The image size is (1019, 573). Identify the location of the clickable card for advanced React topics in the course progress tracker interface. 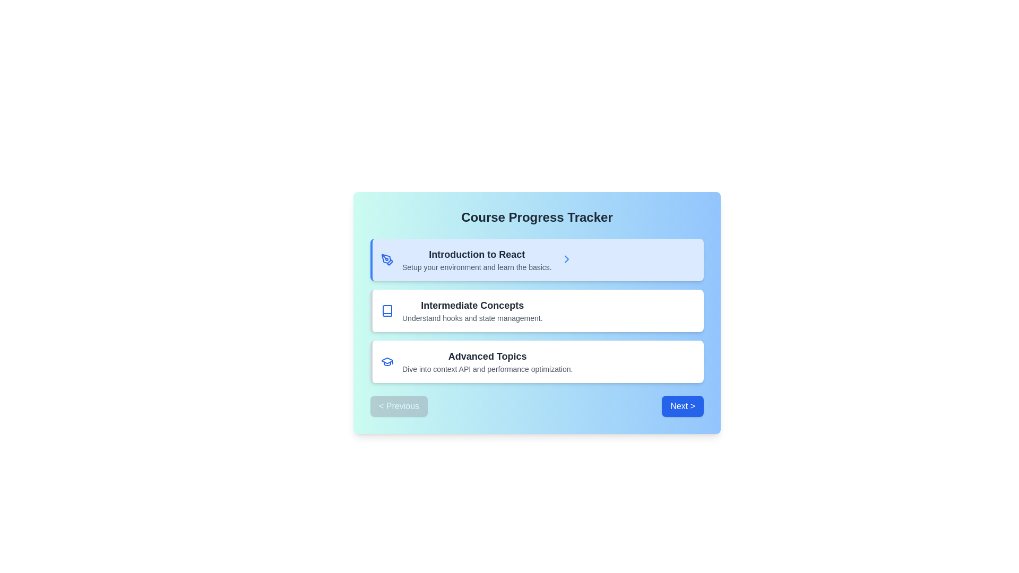
(538, 361).